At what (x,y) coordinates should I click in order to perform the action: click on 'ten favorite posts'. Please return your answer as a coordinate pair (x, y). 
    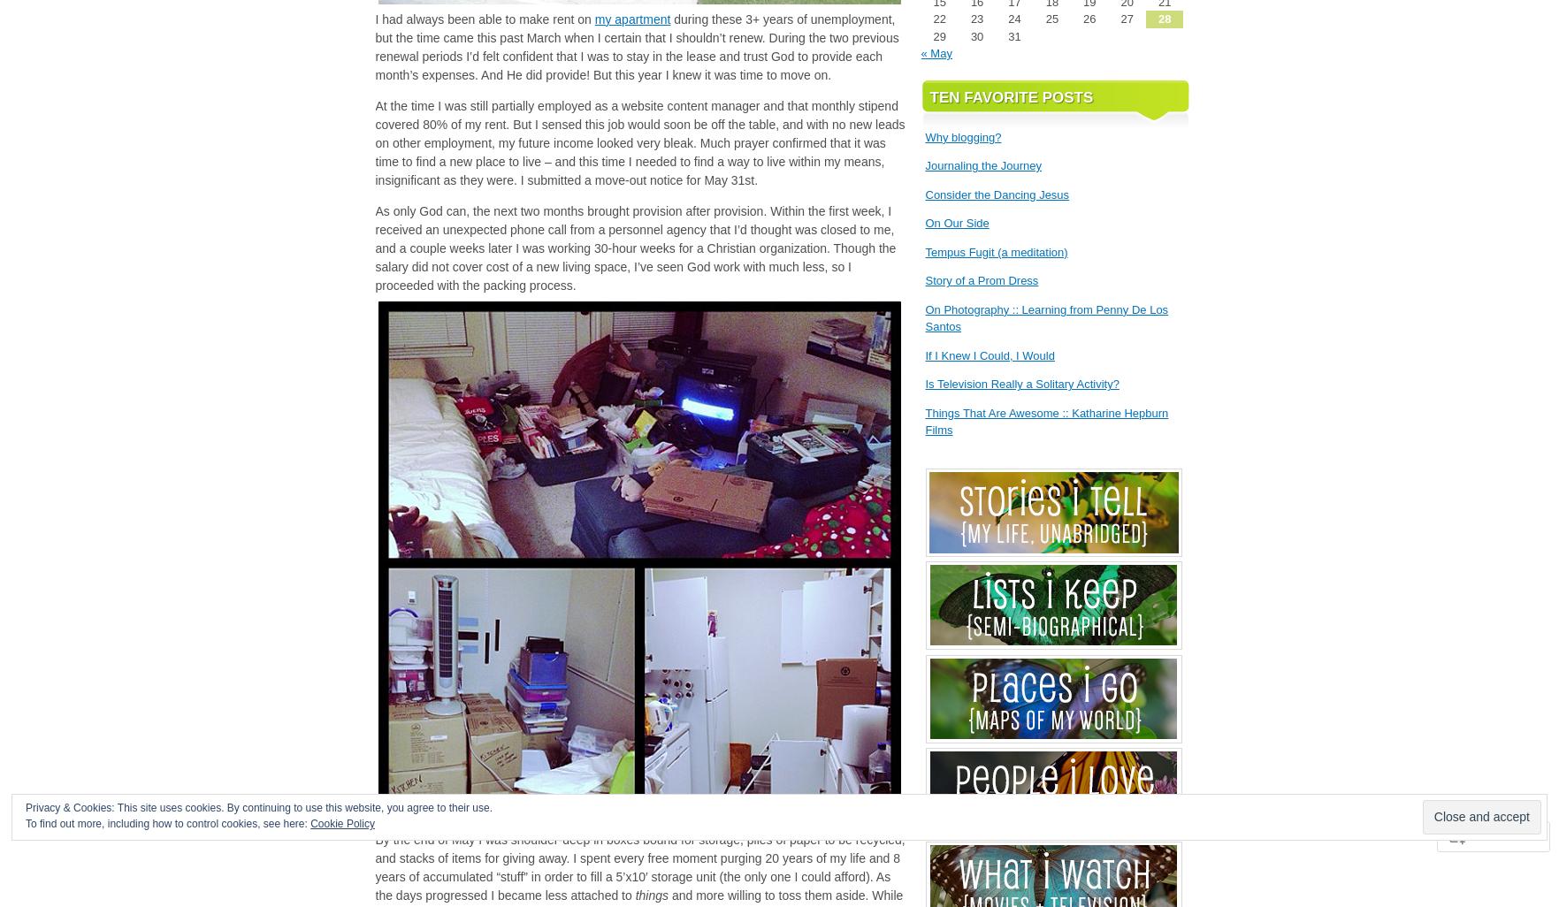
    Looking at the image, I should click on (1010, 96).